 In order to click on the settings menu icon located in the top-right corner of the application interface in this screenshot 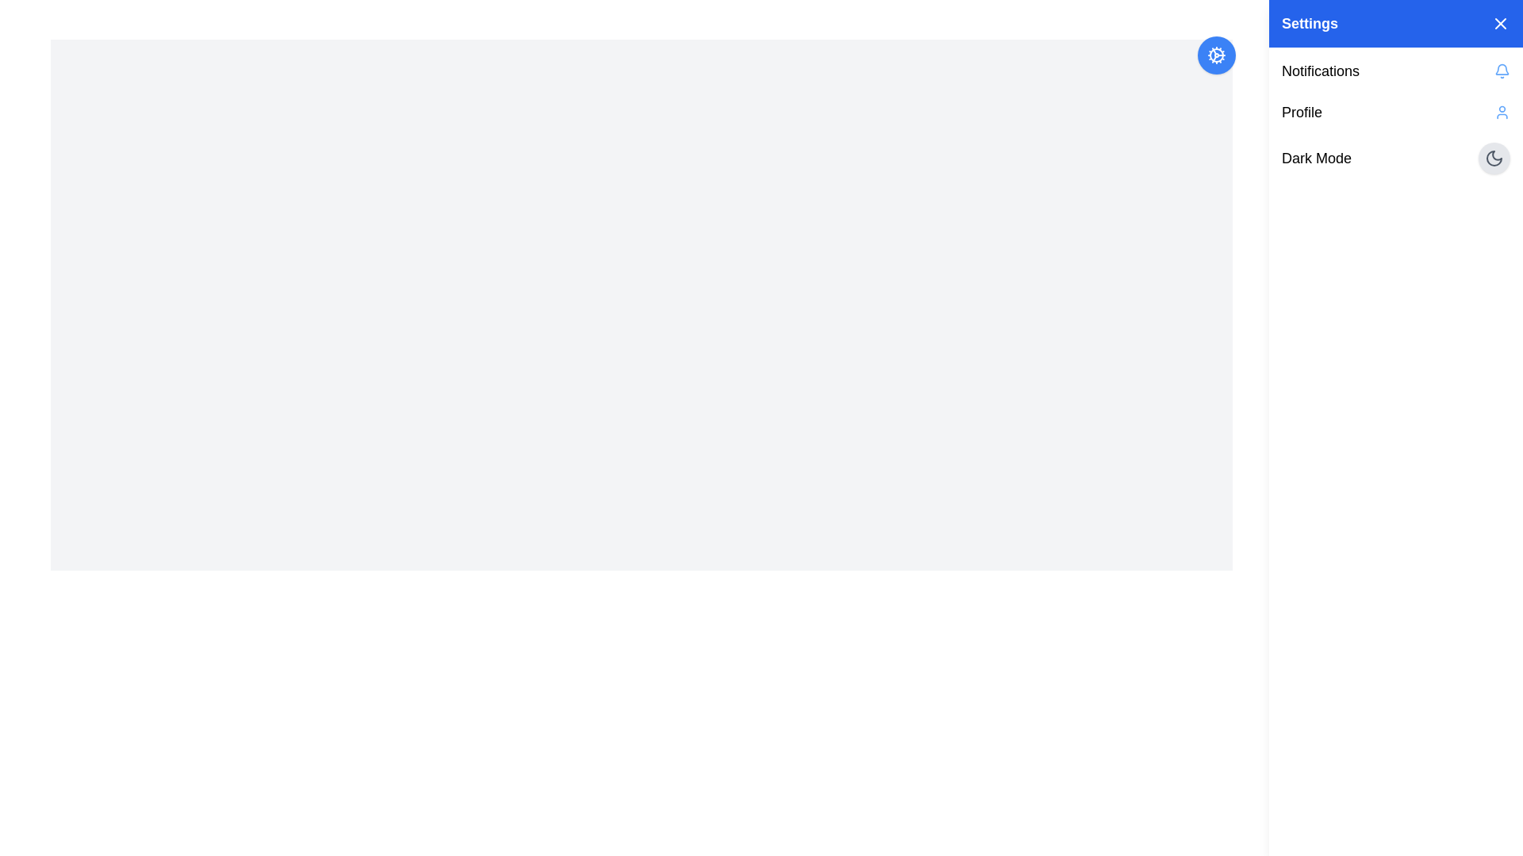, I will do `click(1216, 54)`.